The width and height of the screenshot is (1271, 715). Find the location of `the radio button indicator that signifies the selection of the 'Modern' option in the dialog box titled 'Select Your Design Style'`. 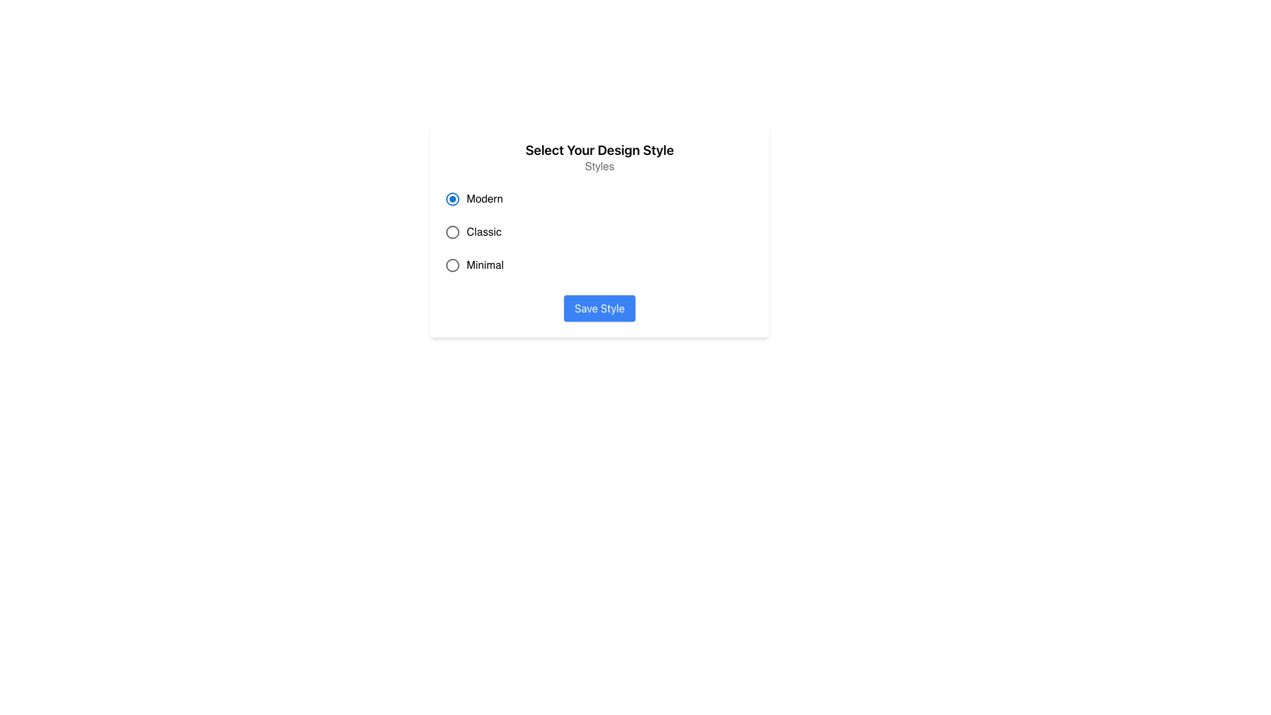

the radio button indicator that signifies the selection of the 'Modern' option in the dialog box titled 'Select Your Design Style' is located at coordinates (453, 199).